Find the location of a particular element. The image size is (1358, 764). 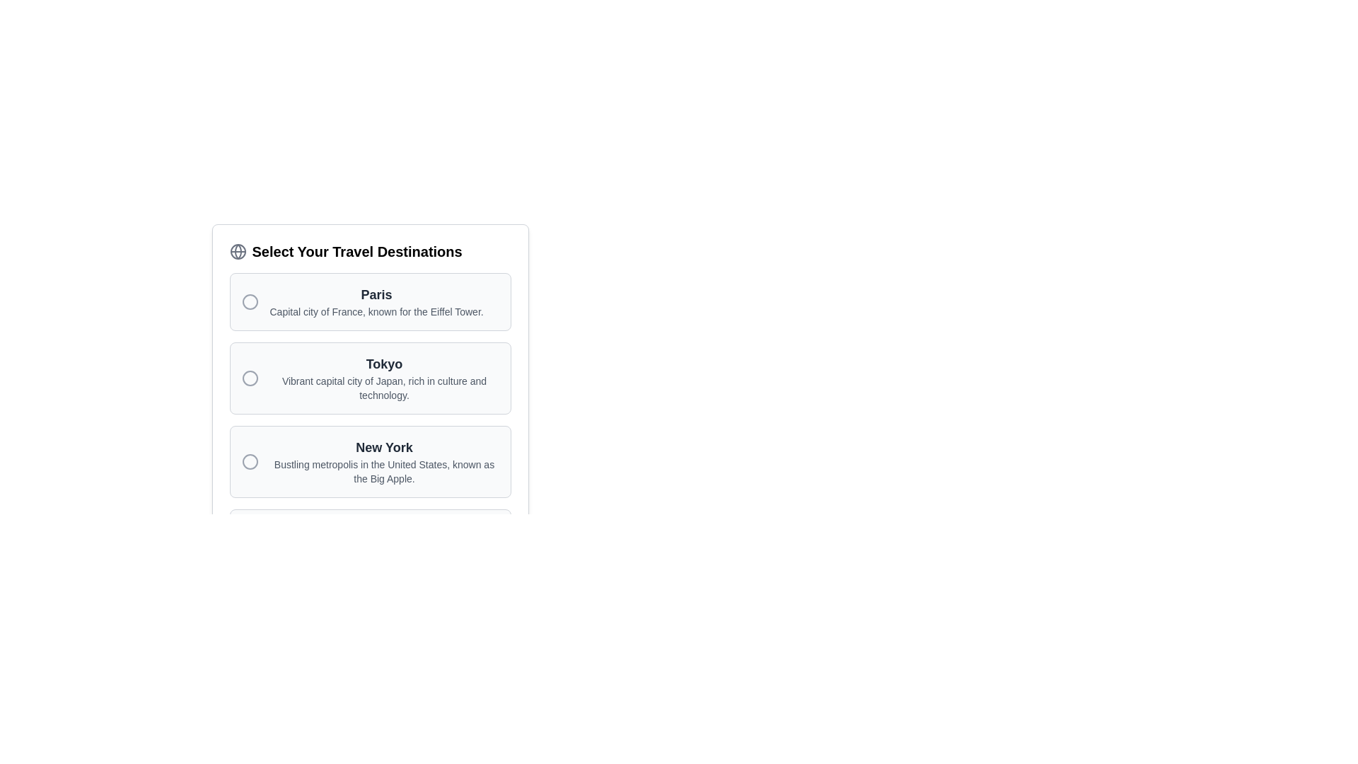

the unselected radio button for 'New York', which is a circular shape with a gray outline and a small inner circle, located in the third row of travel destination options is located at coordinates (250, 461).